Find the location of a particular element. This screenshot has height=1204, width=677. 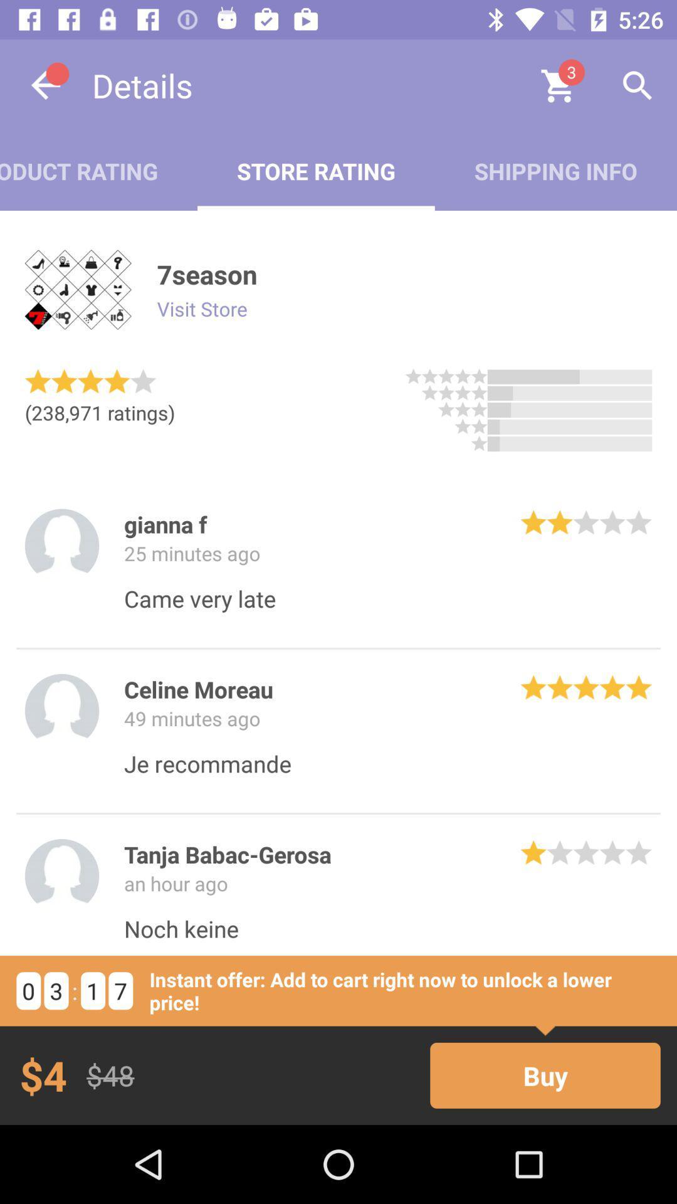

the store rating is located at coordinates (315, 171).